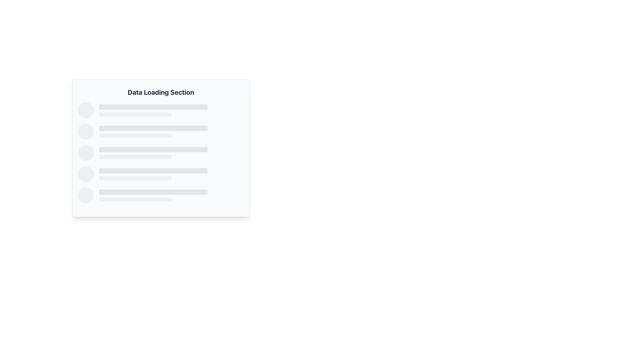  Describe the element at coordinates (161, 174) in the screenshot. I see `the Loading Placeholder element in the 'Data Loading Section' interface, which features a gray circular component on the left and two vertical rectangular placeholders on the right` at that location.